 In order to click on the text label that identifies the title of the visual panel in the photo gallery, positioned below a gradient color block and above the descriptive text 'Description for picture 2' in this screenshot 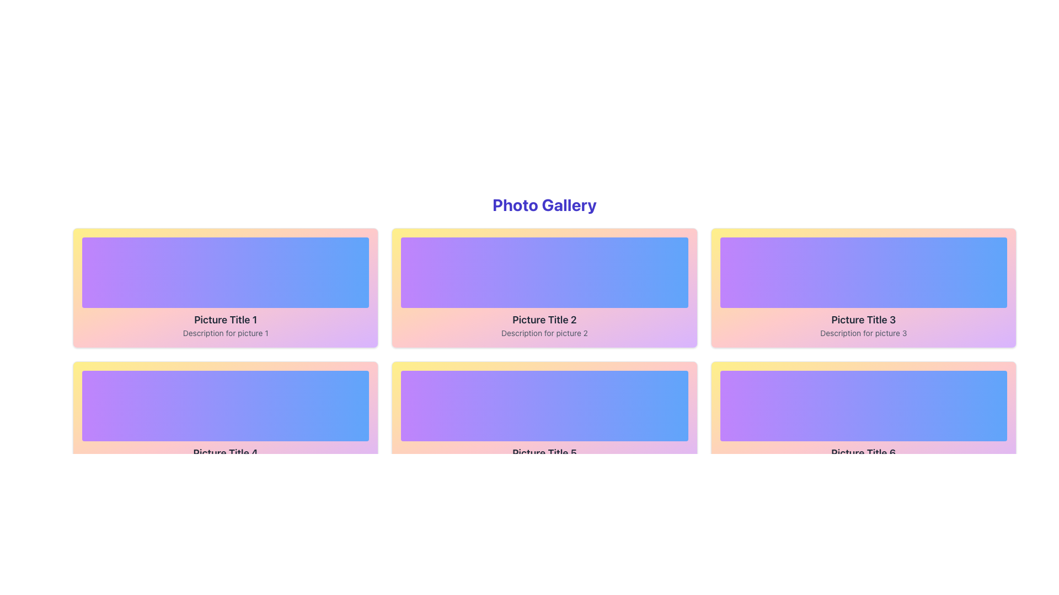, I will do `click(544, 320)`.